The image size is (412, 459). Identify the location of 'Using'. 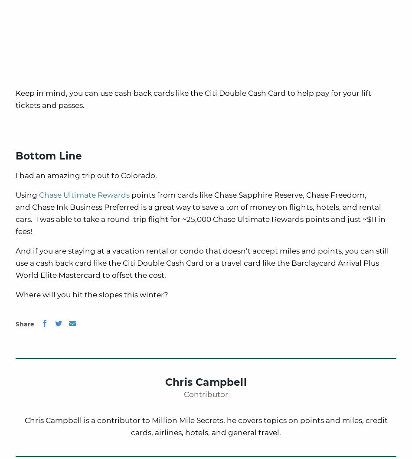
(16, 195).